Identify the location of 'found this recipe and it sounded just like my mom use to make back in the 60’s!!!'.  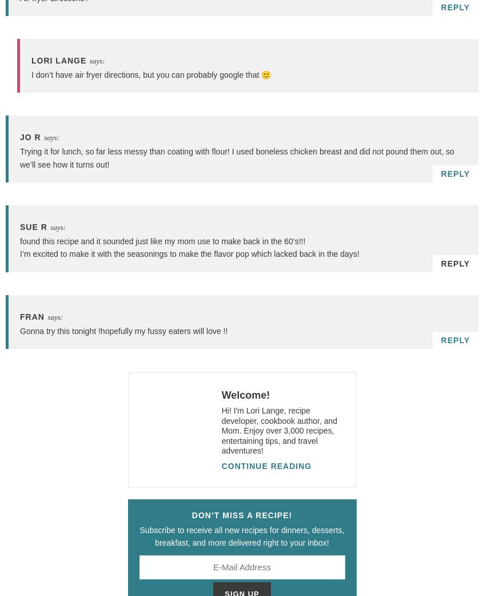
(162, 241).